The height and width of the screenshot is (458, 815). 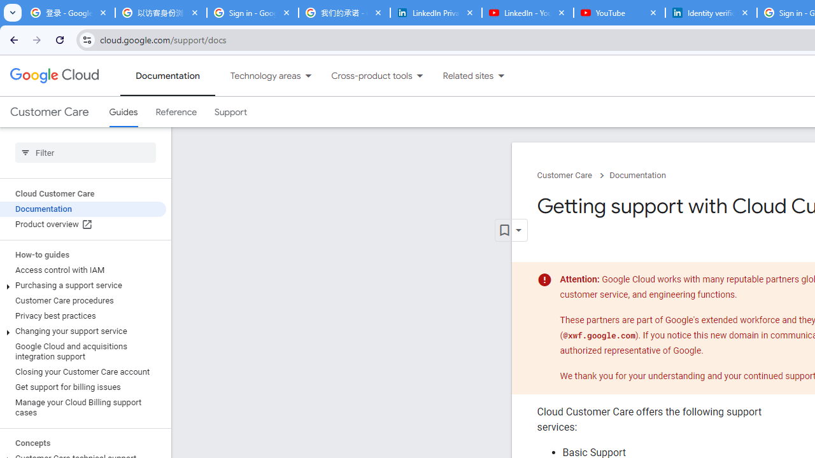 What do you see at coordinates (436, 13) in the screenshot?
I see `'LinkedIn Privacy Policy'` at bounding box center [436, 13].